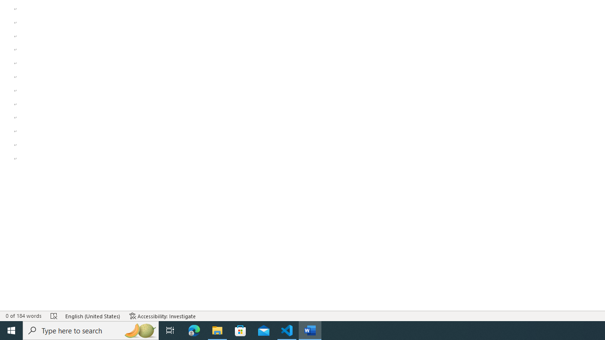 Image resolution: width=605 pixels, height=340 pixels. Describe the element at coordinates (170, 330) in the screenshot. I see `'Task View'` at that location.